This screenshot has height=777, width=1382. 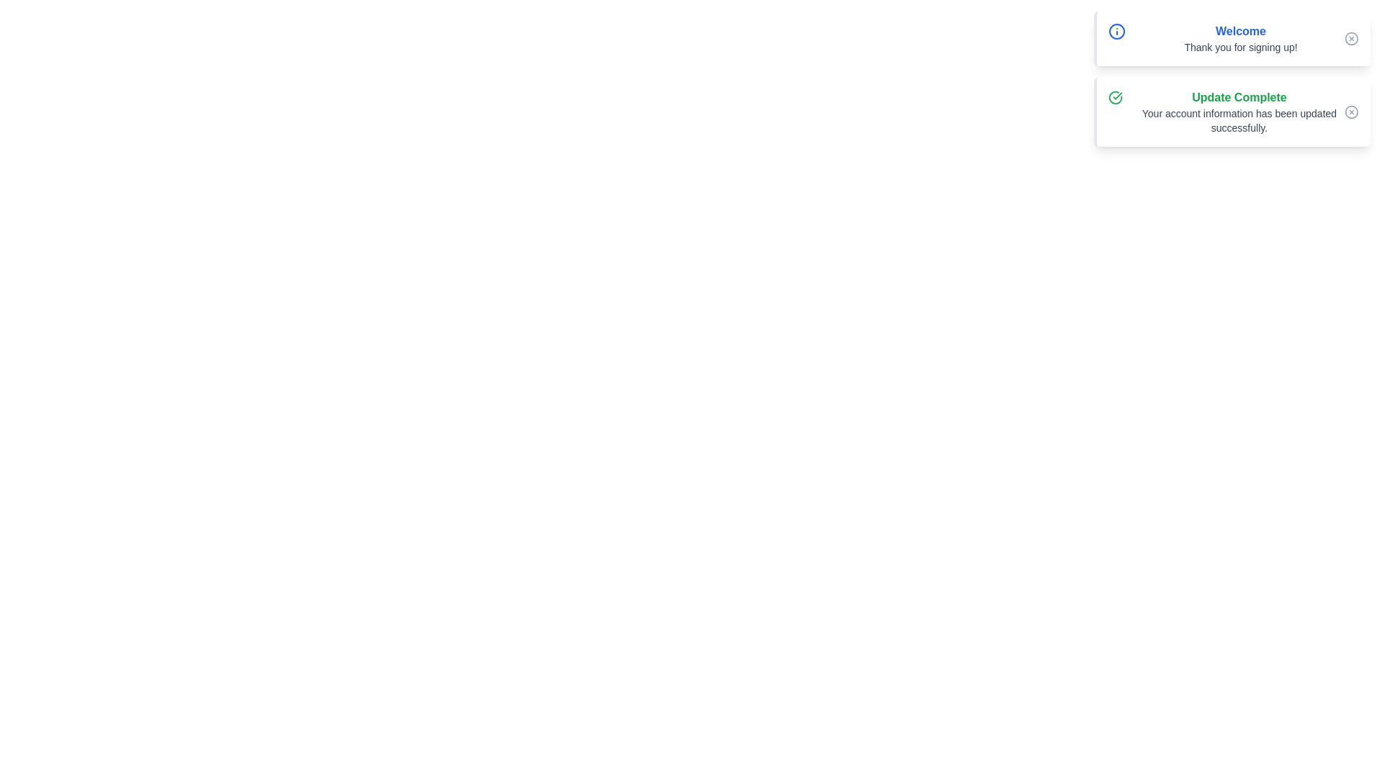 I want to click on the circular button with a gray border and a cross in its center, located at the top right corner of the notification card that says 'Welcome', so click(x=1350, y=38).